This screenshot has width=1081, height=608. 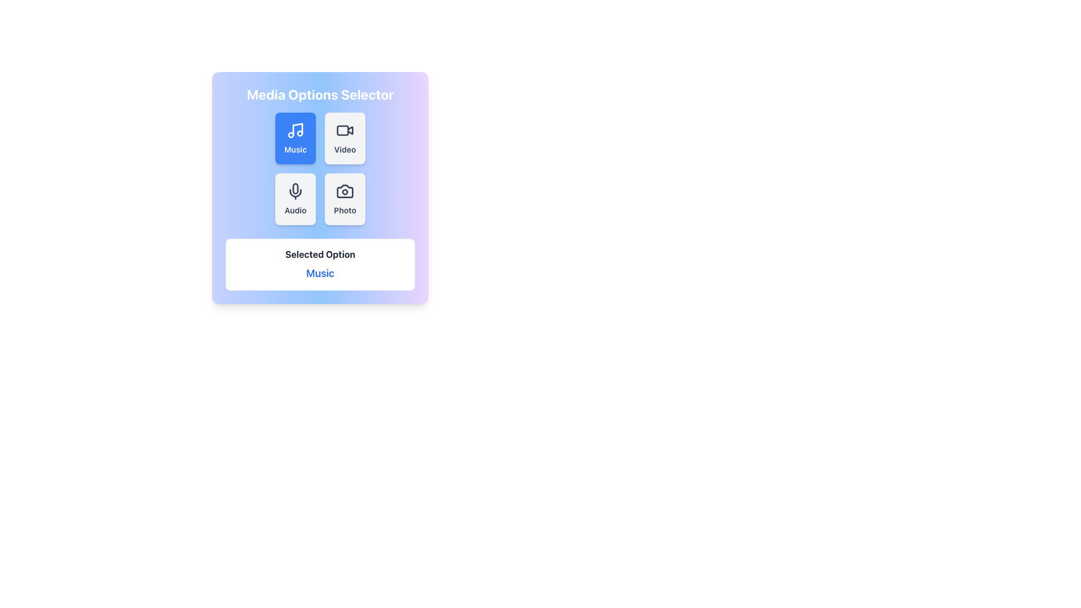 I want to click on the 'Photo' button located in the bottom-right corner of the Media Options Selector, which features a camera icon and a light gray background, so click(x=320, y=187).